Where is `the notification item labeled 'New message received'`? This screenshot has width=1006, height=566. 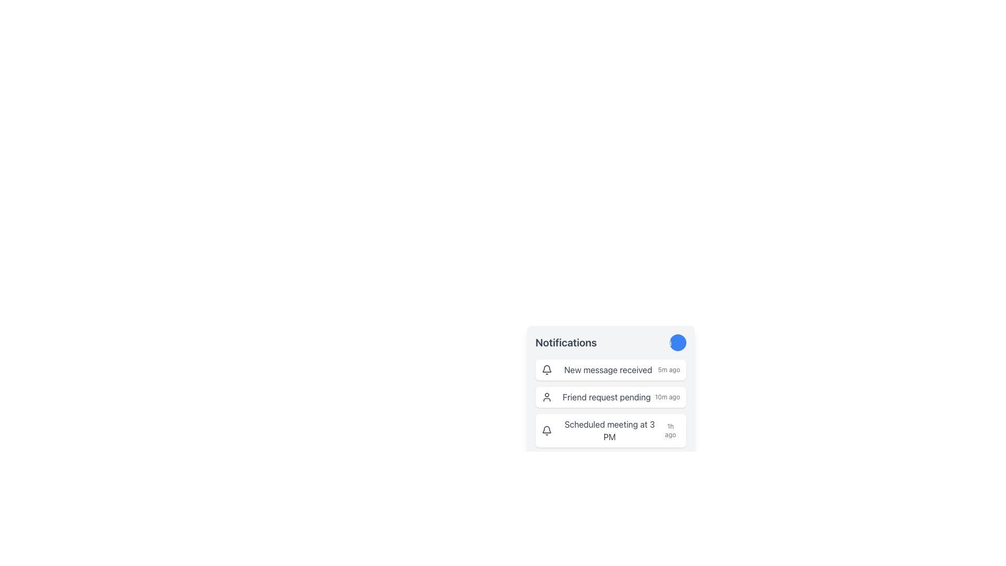 the notification item labeled 'New message received' is located at coordinates (611, 369).